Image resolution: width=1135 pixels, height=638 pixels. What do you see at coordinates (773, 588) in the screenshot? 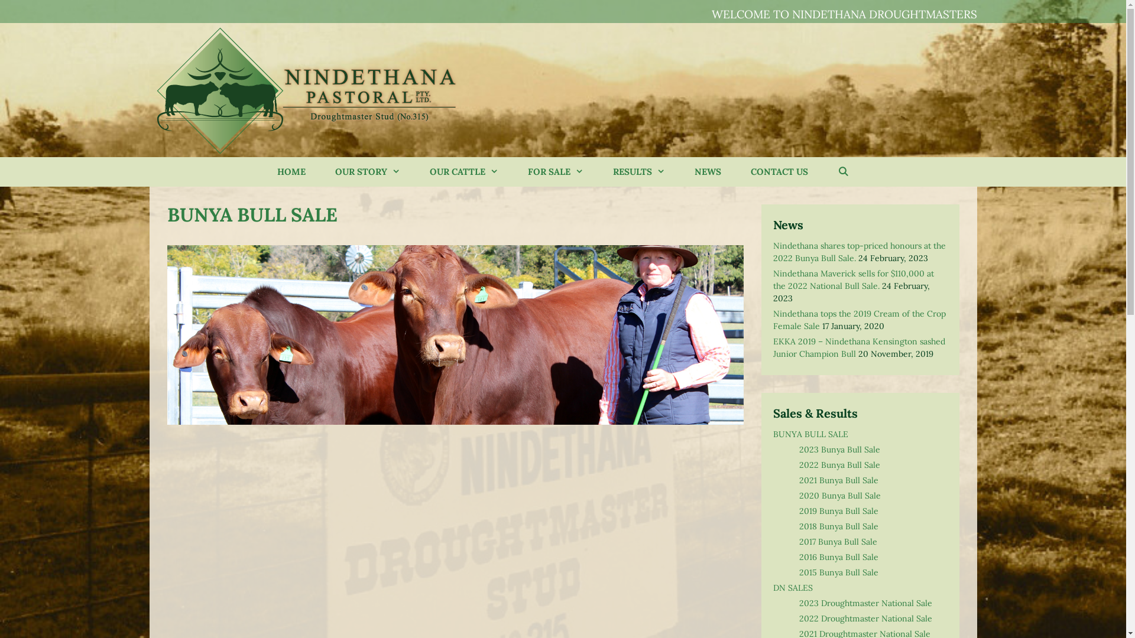
I see `'DN SALES'` at bounding box center [773, 588].